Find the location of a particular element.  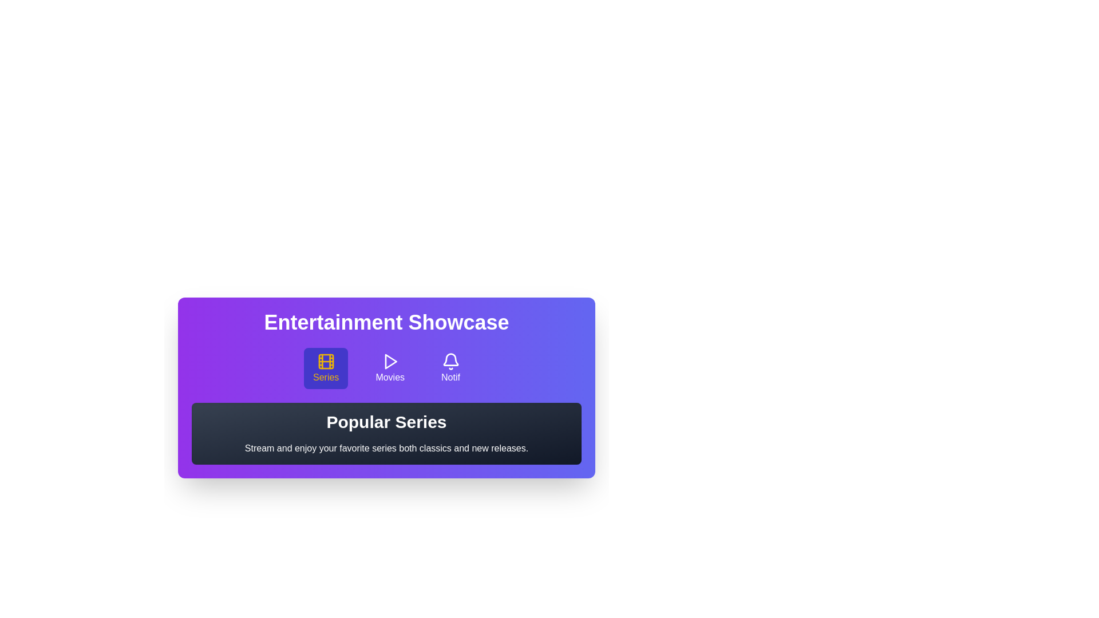

SVG shape that is part of the film strip icon located at the top-left corner of its bounding box for debugging purposes is located at coordinates (325, 362).